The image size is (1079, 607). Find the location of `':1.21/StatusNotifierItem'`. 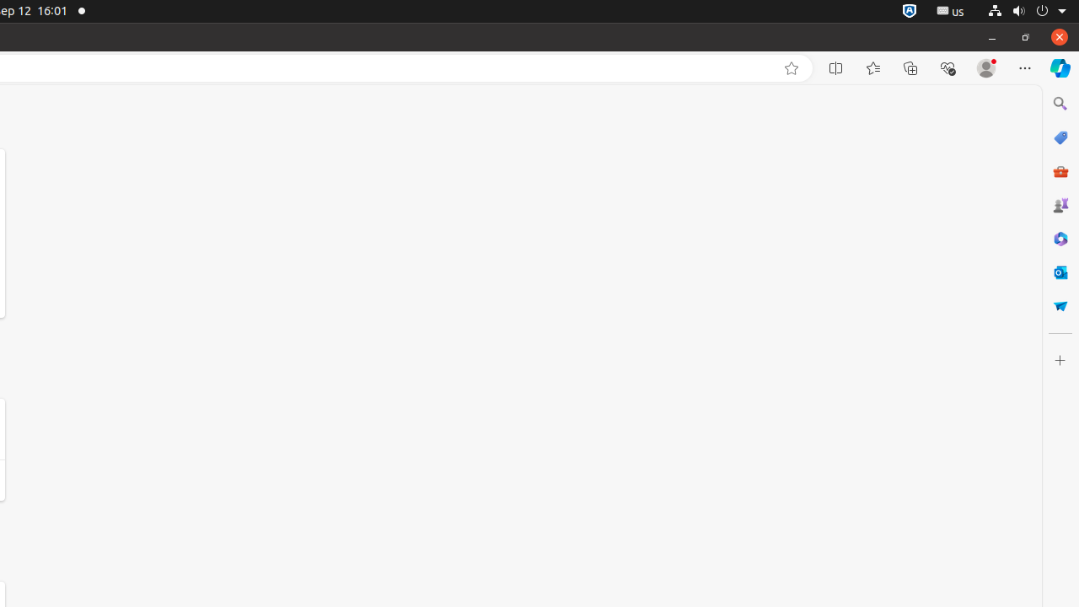

':1.21/StatusNotifierItem' is located at coordinates (950, 11).